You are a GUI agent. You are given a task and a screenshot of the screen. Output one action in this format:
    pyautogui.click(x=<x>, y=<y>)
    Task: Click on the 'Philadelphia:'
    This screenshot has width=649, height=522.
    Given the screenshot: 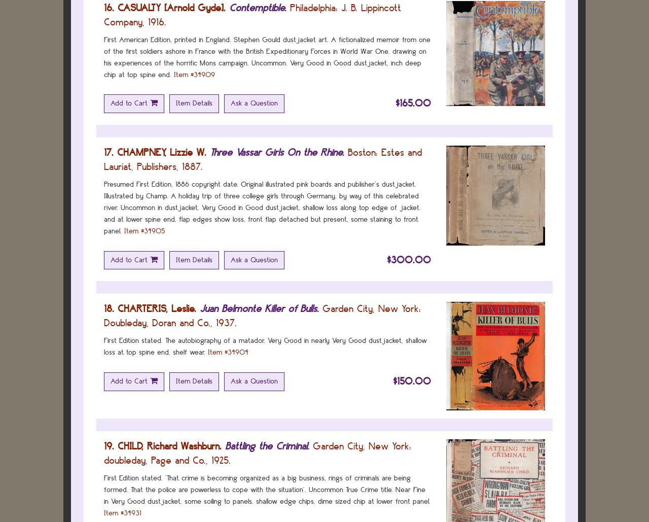 What is the action you would take?
    pyautogui.click(x=315, y=8)
    